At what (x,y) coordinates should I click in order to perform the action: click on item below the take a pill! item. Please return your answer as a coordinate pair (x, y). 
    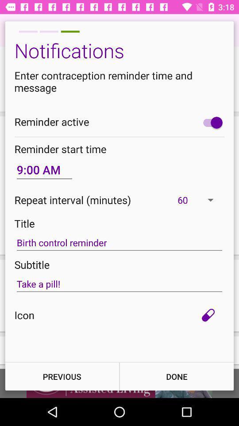
    Looking at the image, I should click on (208, 315).